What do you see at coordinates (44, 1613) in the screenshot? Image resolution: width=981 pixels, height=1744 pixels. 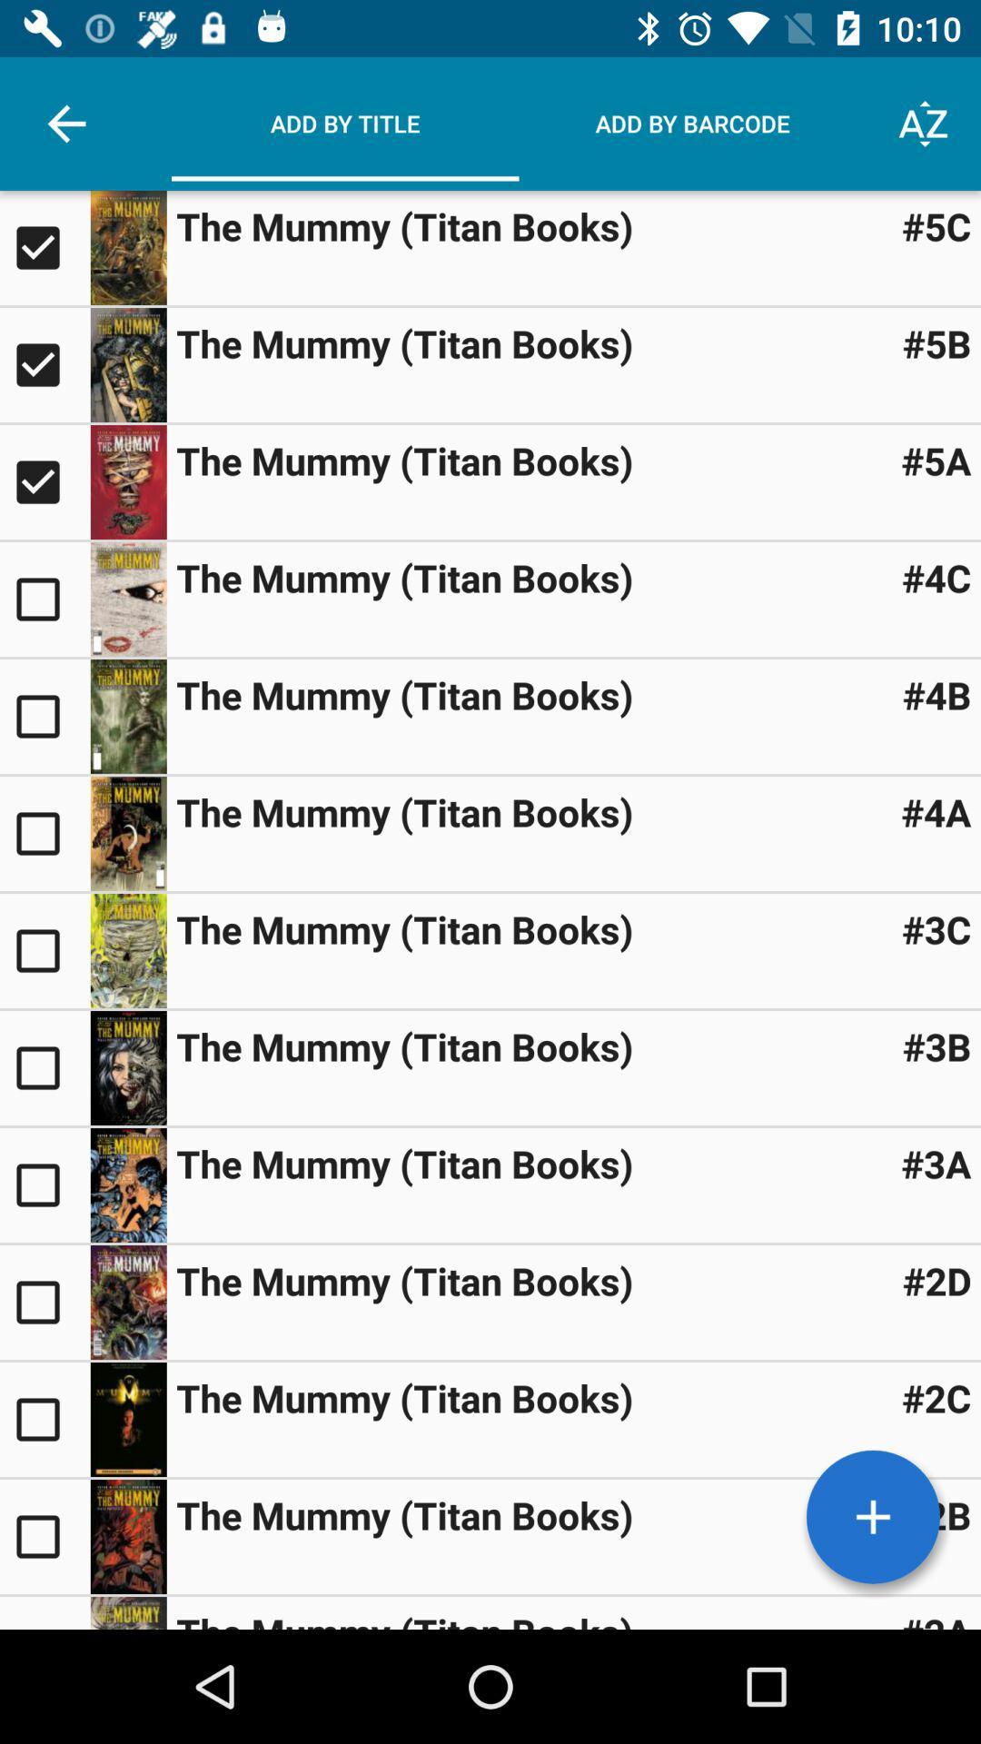 I see `a book` at bounding box center [44, 1613].